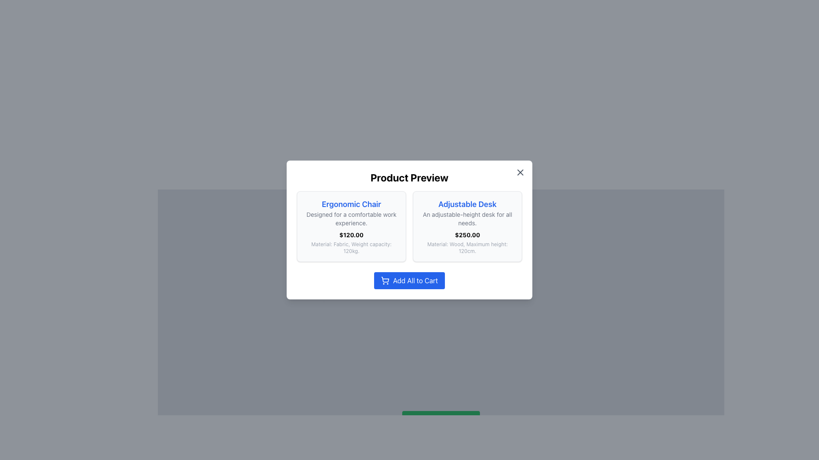 The width and height of the screenshot is (819, 460). Describe the element at coordinates (467, 248) in the screenshot. I see `the light gray text display at the bottom of the 'Adjustable Desk' information card that provides details about the product material and maximum height` at that location.